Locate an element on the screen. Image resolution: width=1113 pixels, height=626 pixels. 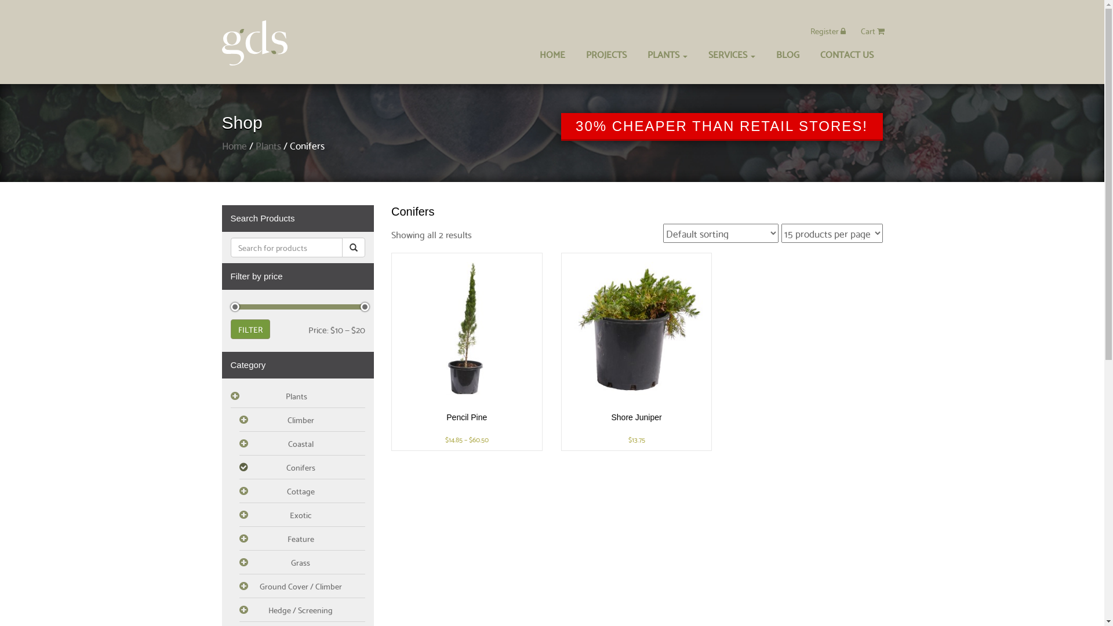
'BLOG' is located at coordinates (787, 53).